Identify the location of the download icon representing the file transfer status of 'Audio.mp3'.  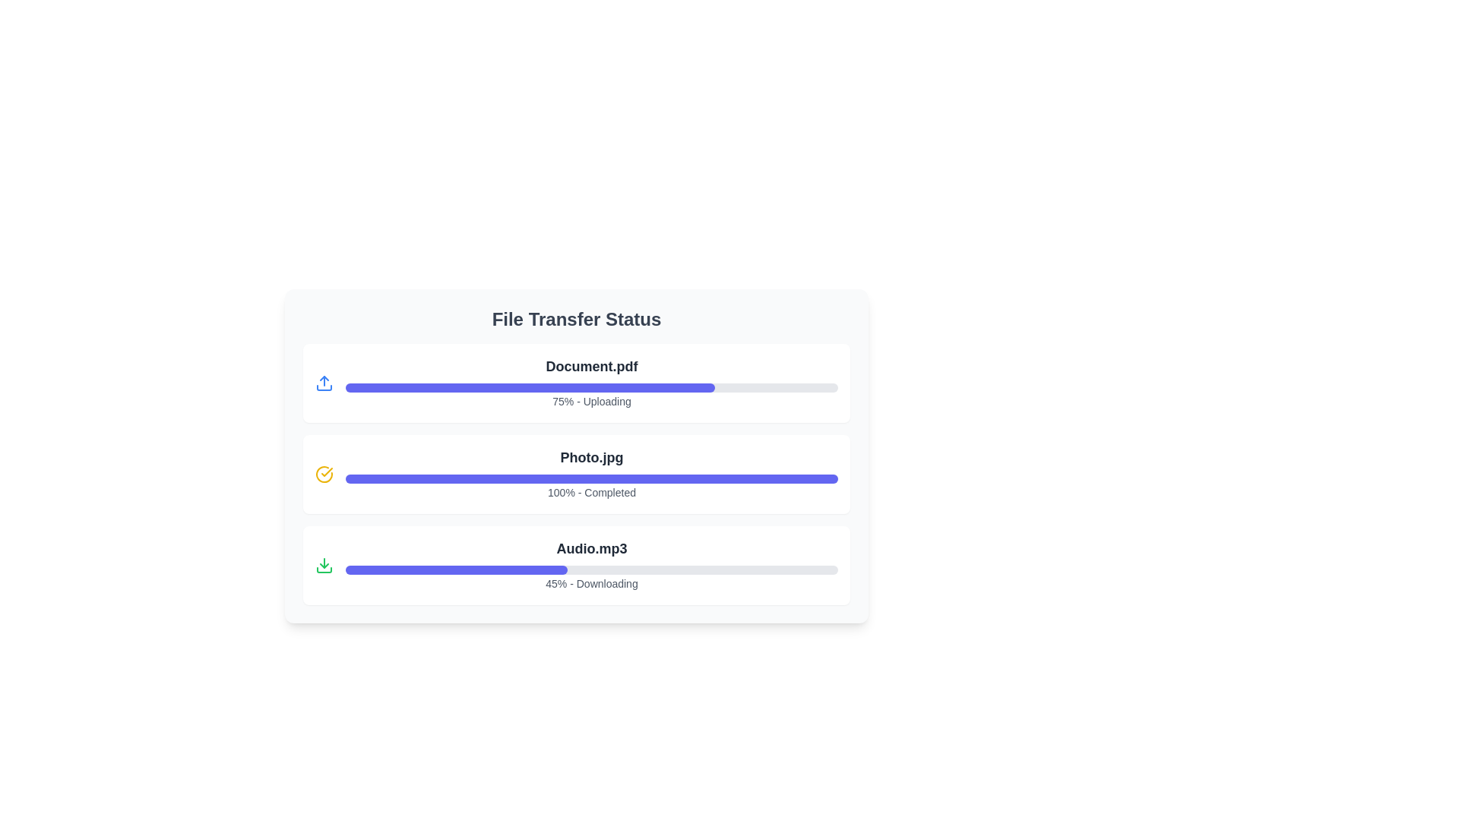
(324, 570).